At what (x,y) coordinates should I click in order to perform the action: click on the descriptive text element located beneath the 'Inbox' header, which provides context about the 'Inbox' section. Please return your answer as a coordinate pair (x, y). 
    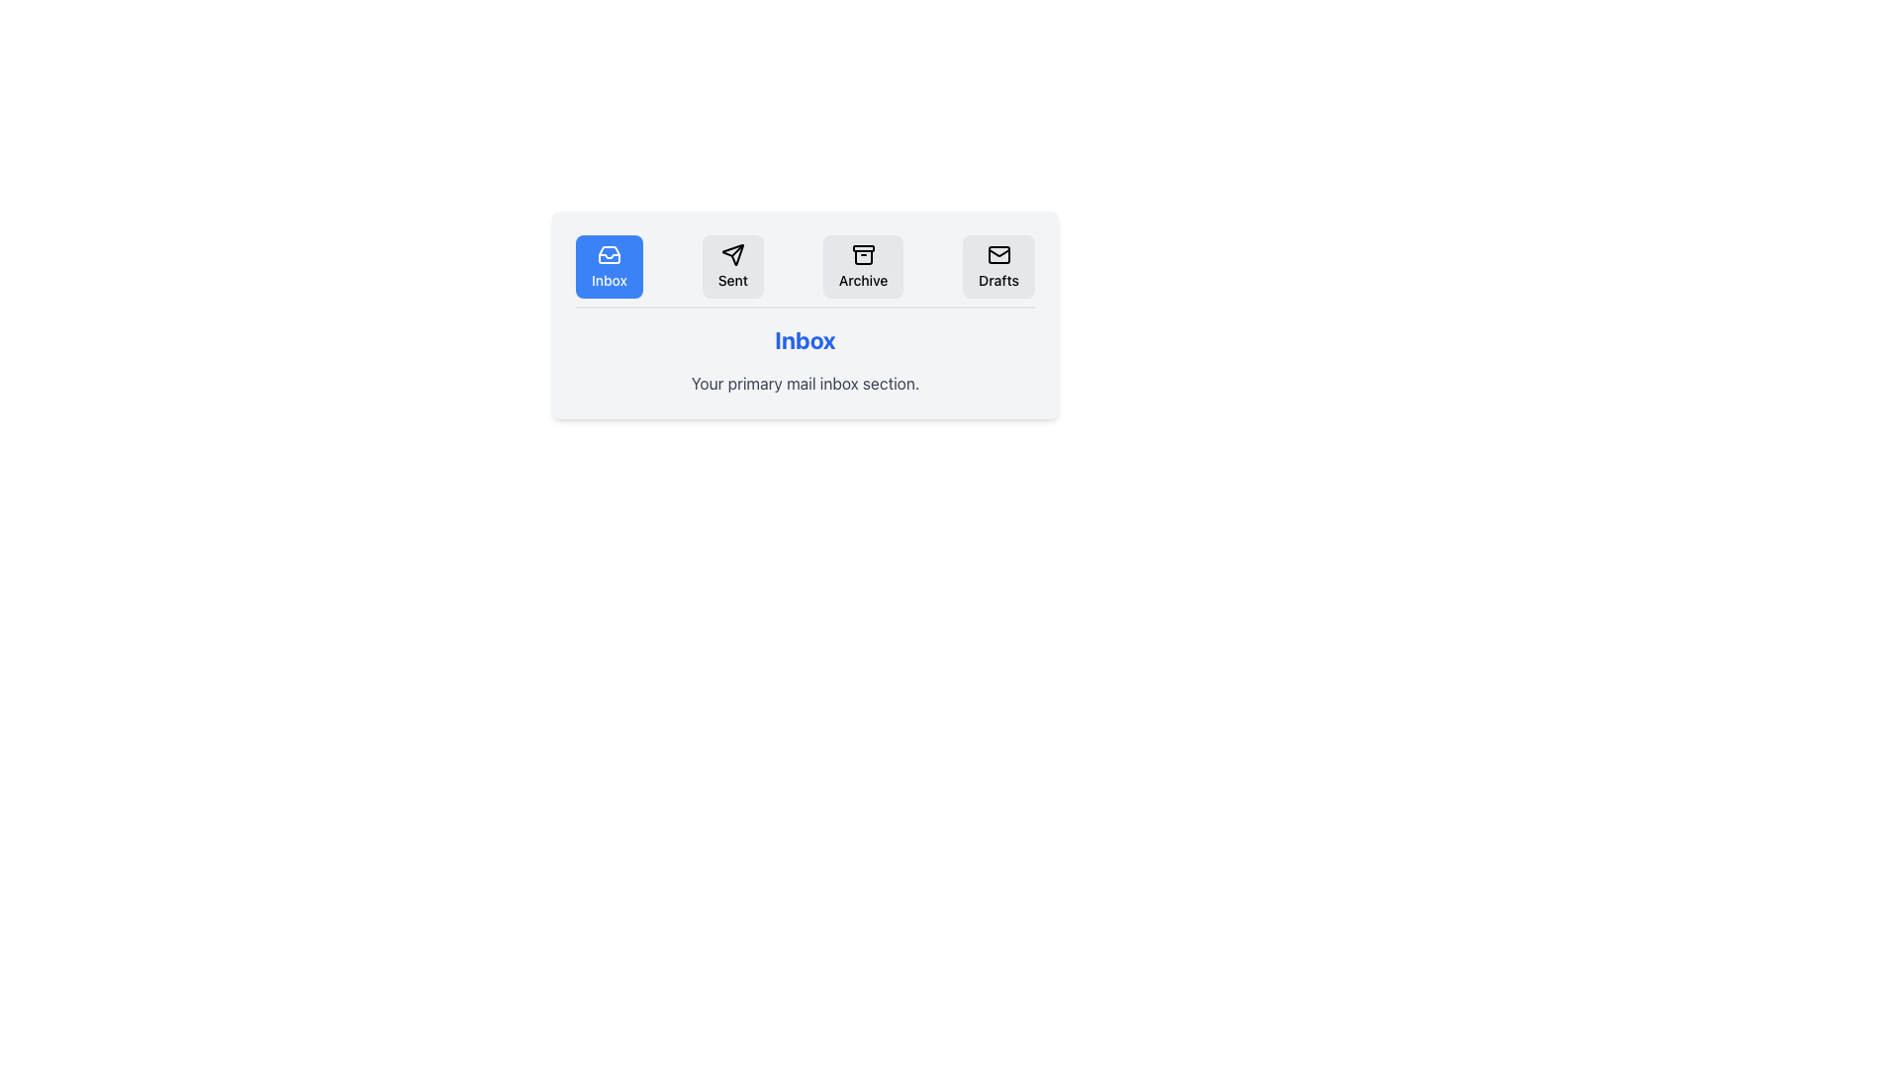
    Looking at the image, I should click on (806, 384).